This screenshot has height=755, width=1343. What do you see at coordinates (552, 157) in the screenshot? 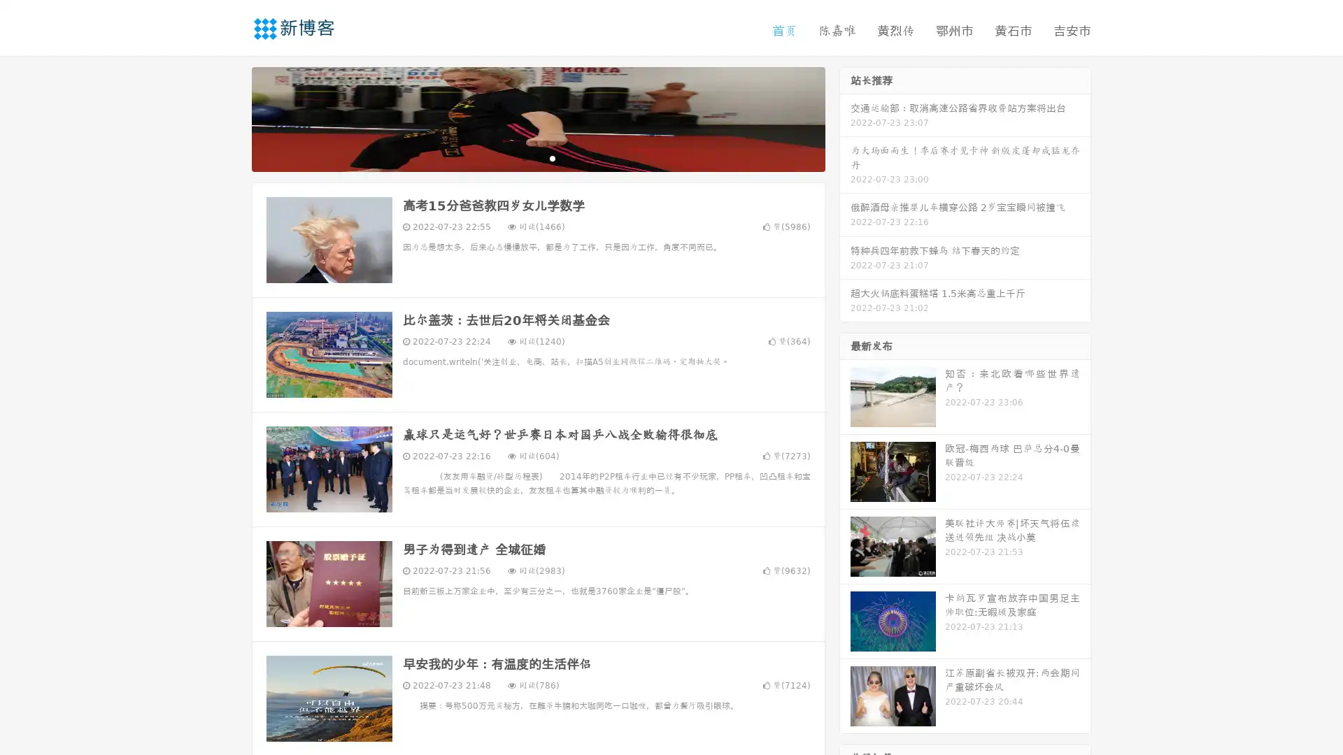
I see `Go to slide 3` at bounding box center [552, 157].